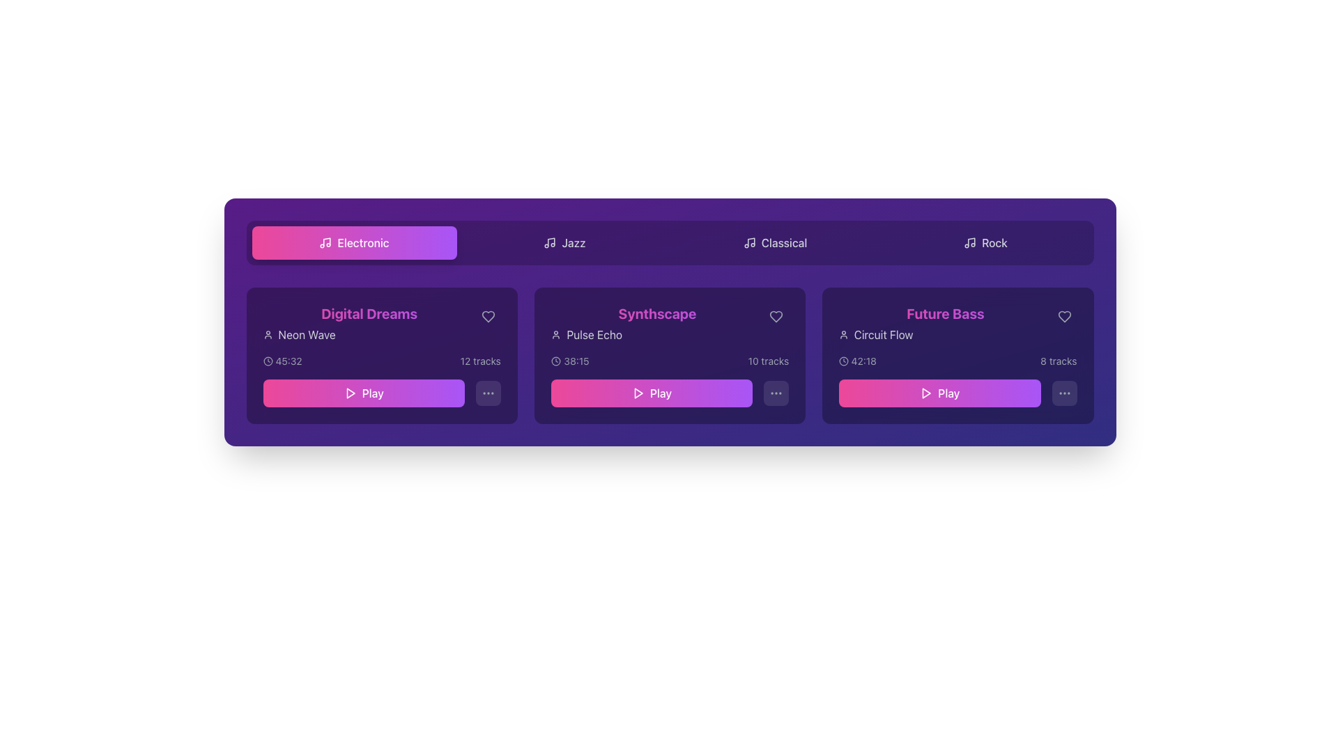 The height and width of the screenshot is (752, 1338). I want to click on keyboard navigation, so click(939, 393).